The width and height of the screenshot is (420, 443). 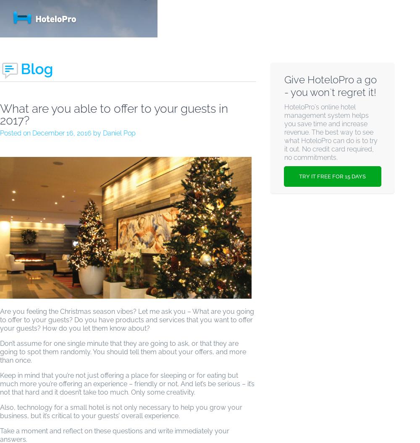 What do you see at coordinates (121, 411) in the screenshot?
I see `'Also, technology for a small hotel is not only necessary to help you grow your business, but it’s critical to your guests’ overall experience.'` at bounding box center [121, 411].